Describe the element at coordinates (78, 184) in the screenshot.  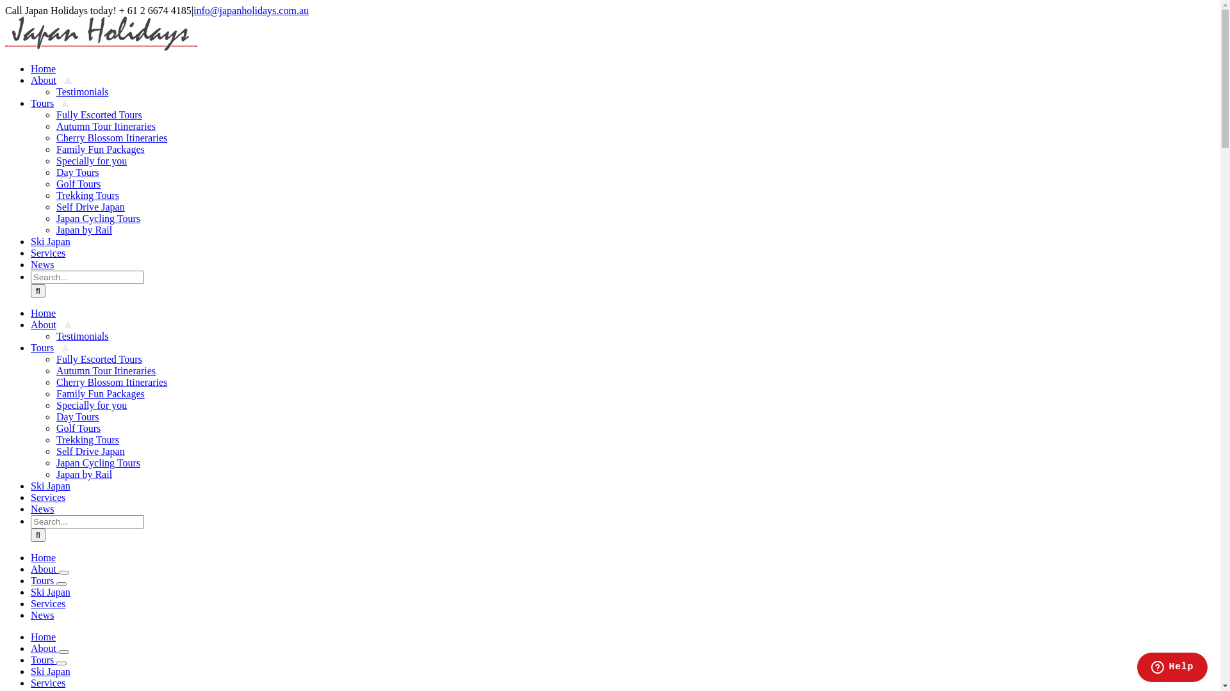
I see `'Golf Tours'` at that location.